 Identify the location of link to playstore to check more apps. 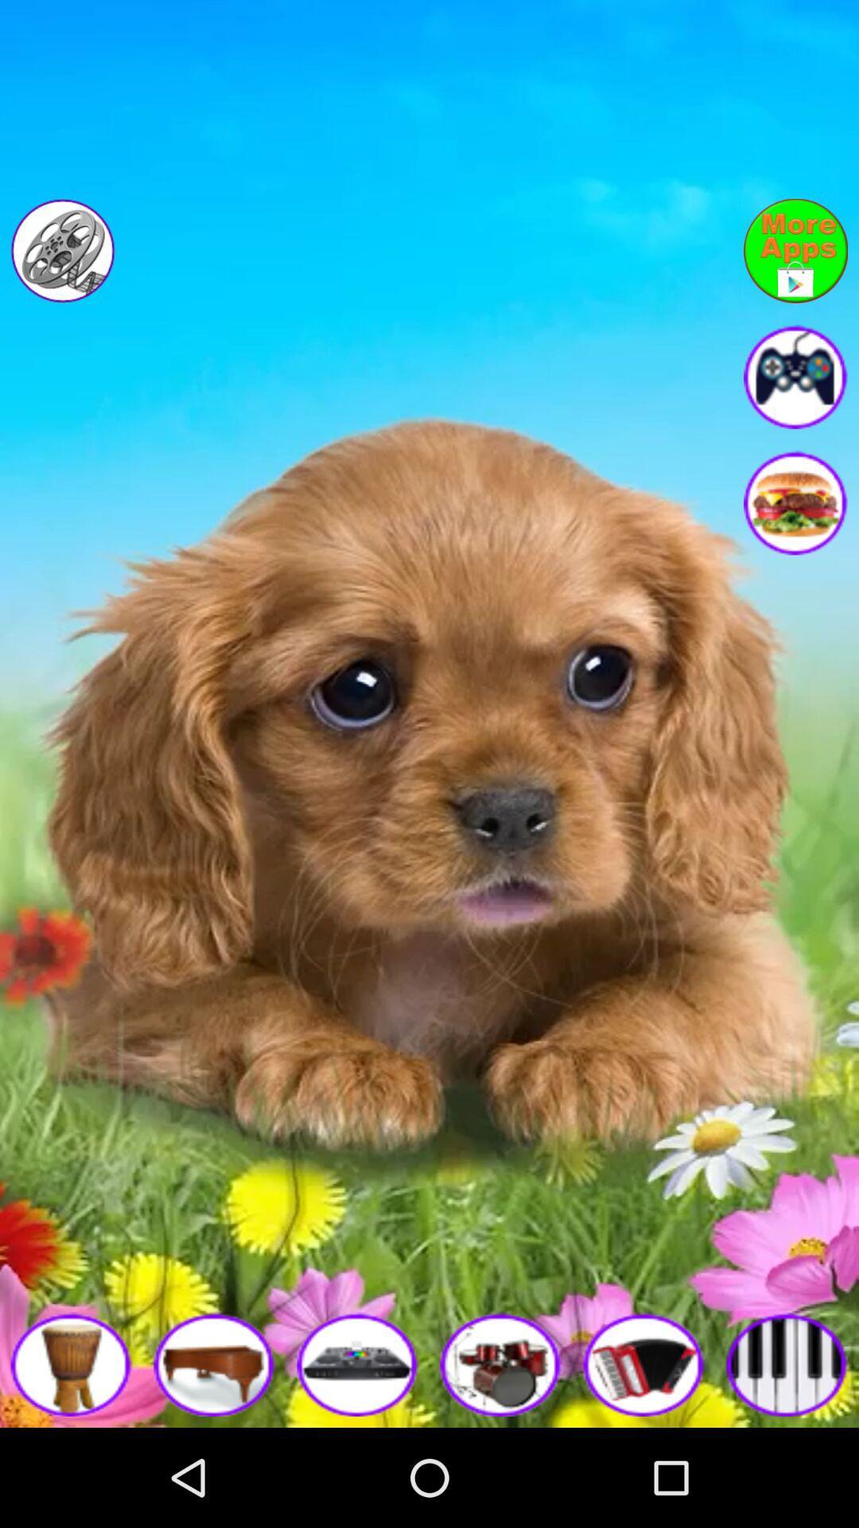
(795, 250).